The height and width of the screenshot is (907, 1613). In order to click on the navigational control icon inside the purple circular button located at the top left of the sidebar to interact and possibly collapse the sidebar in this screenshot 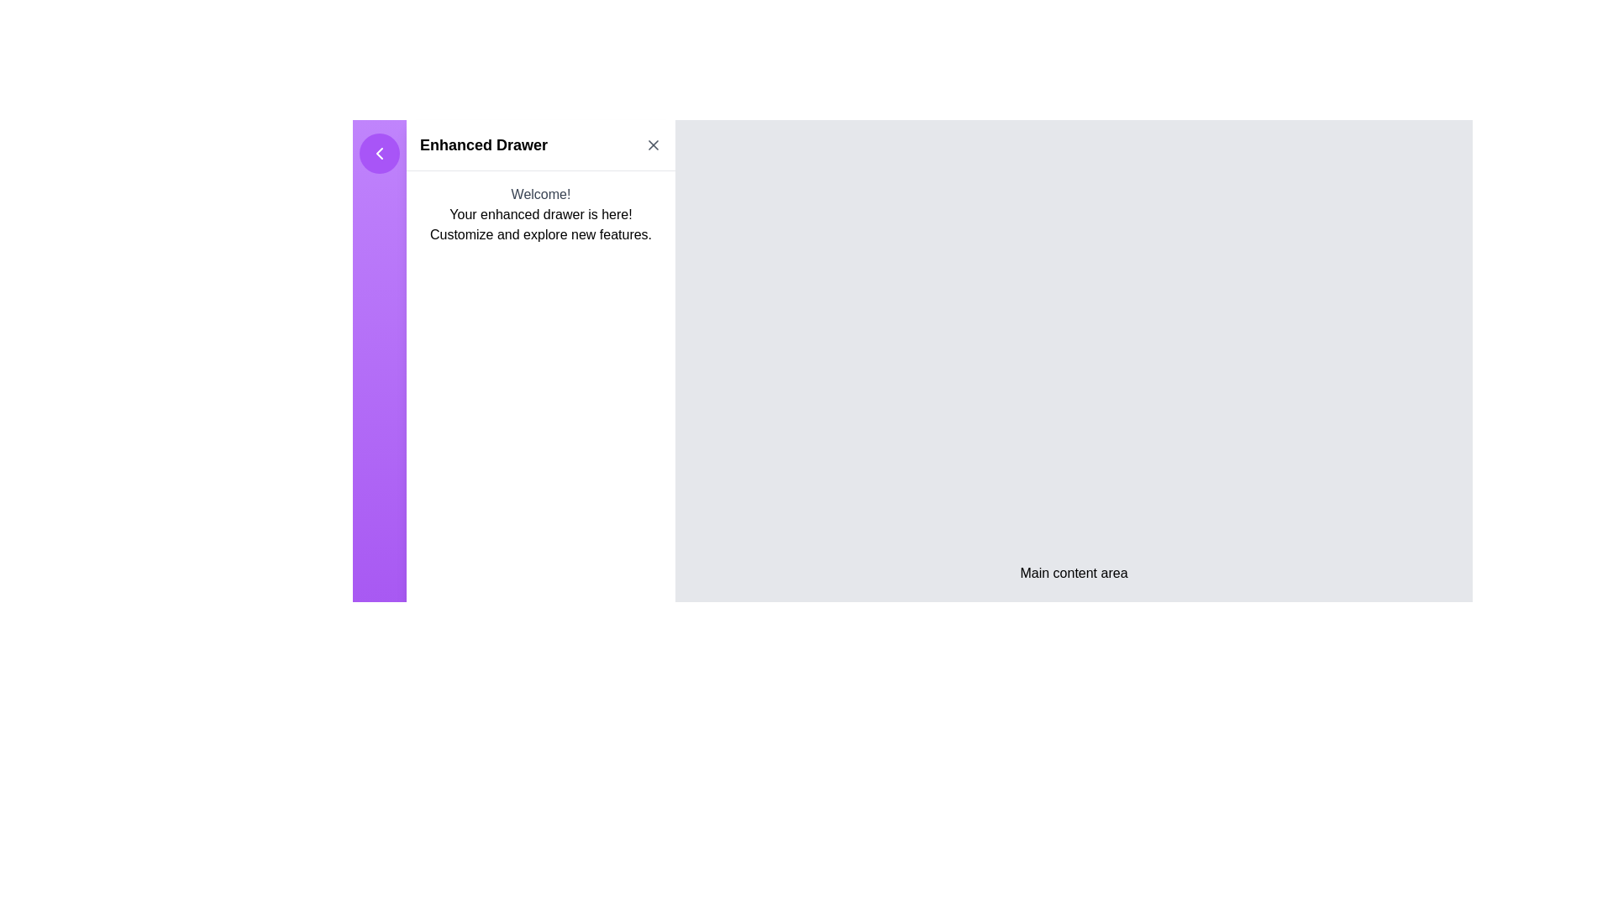, I will do `click(378, 153)`.